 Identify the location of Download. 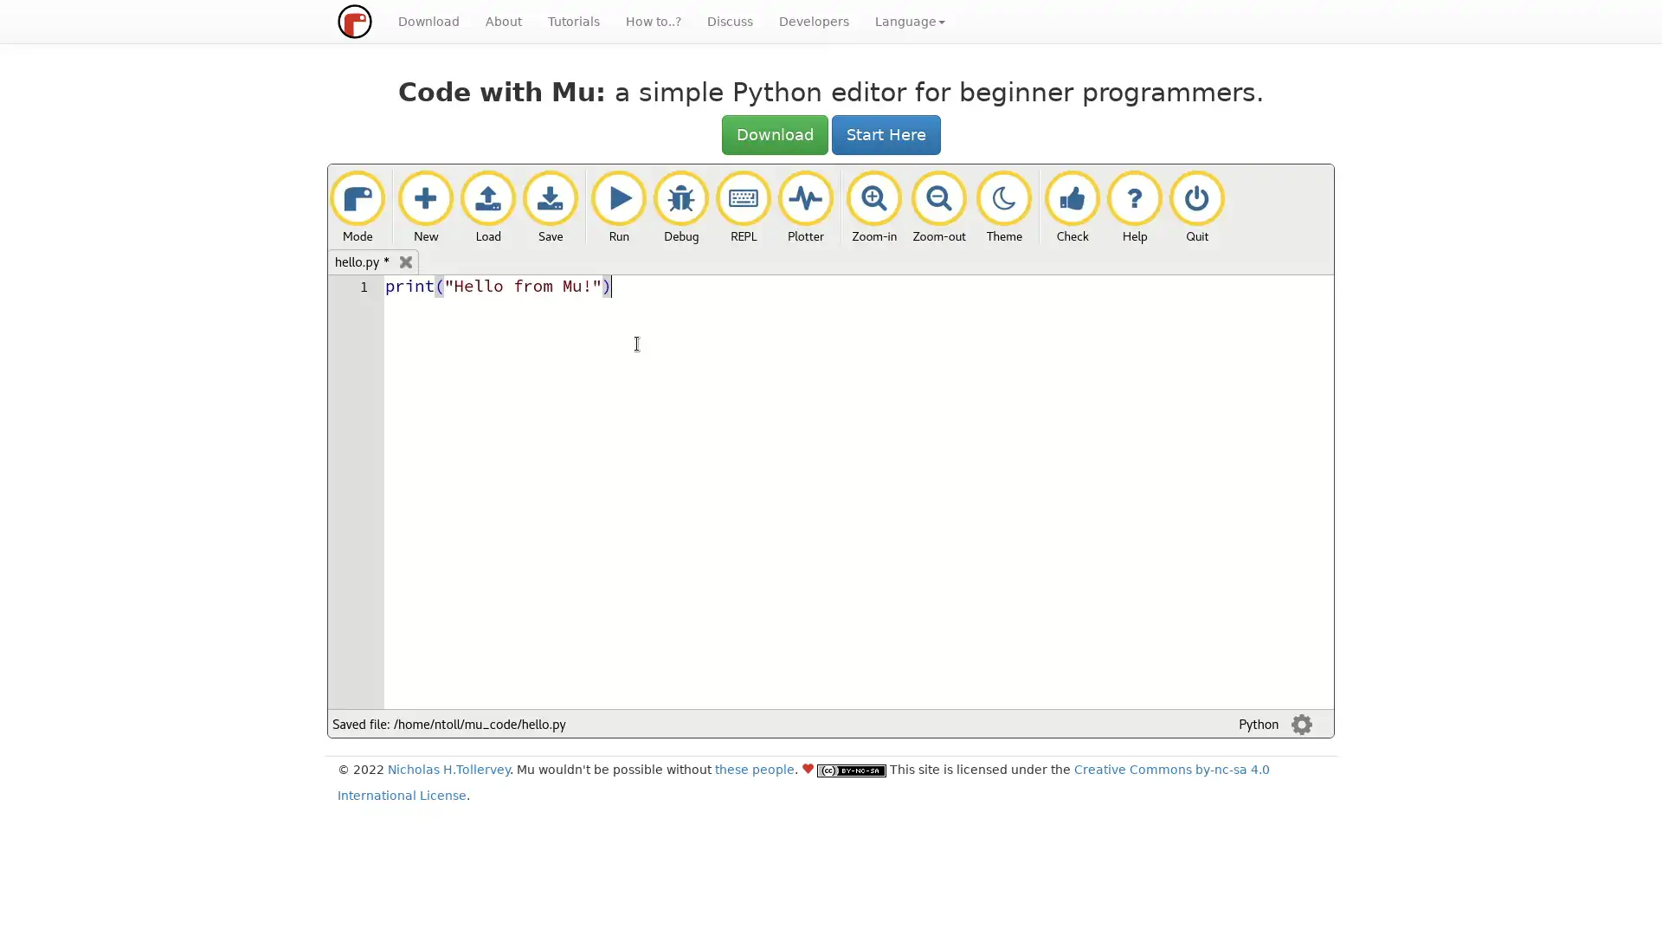
(773, 133).